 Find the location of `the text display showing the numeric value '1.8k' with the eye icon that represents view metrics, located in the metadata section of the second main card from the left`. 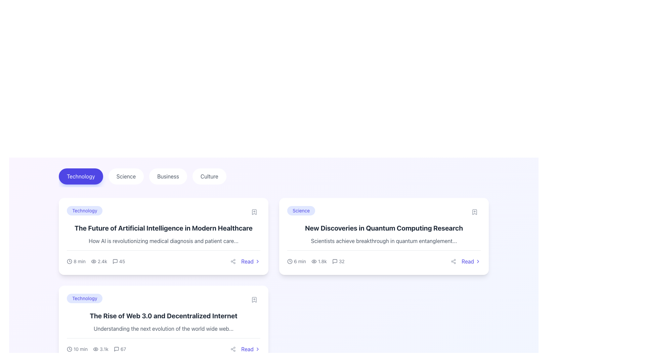

the text display showing the numeric value '1.8k' with the eye icon that represents view metrics, located in the metadata section of the second main card from the left is located at coordinates (318, 261).